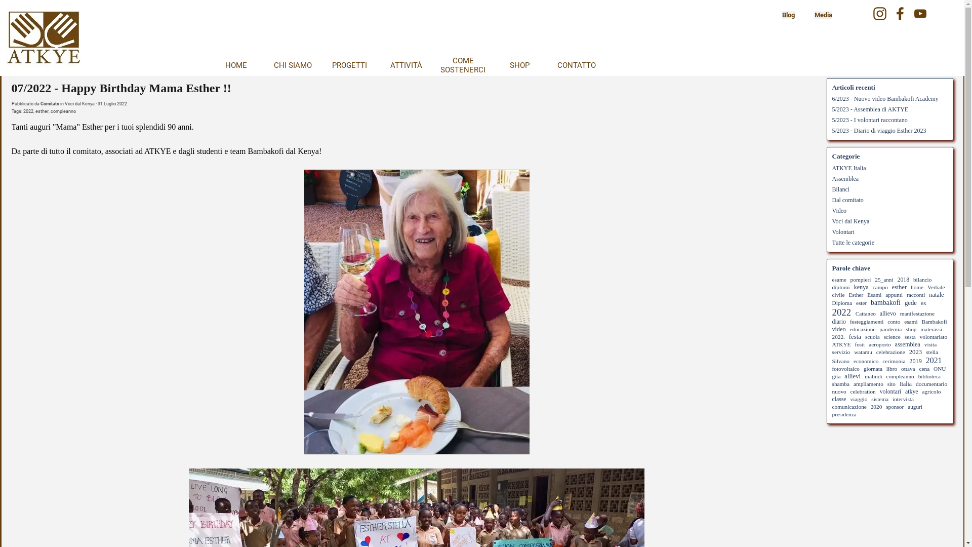 The height and width of the screenshot is (547, 972). I want to click on 'presidenza', so click(844, 414).